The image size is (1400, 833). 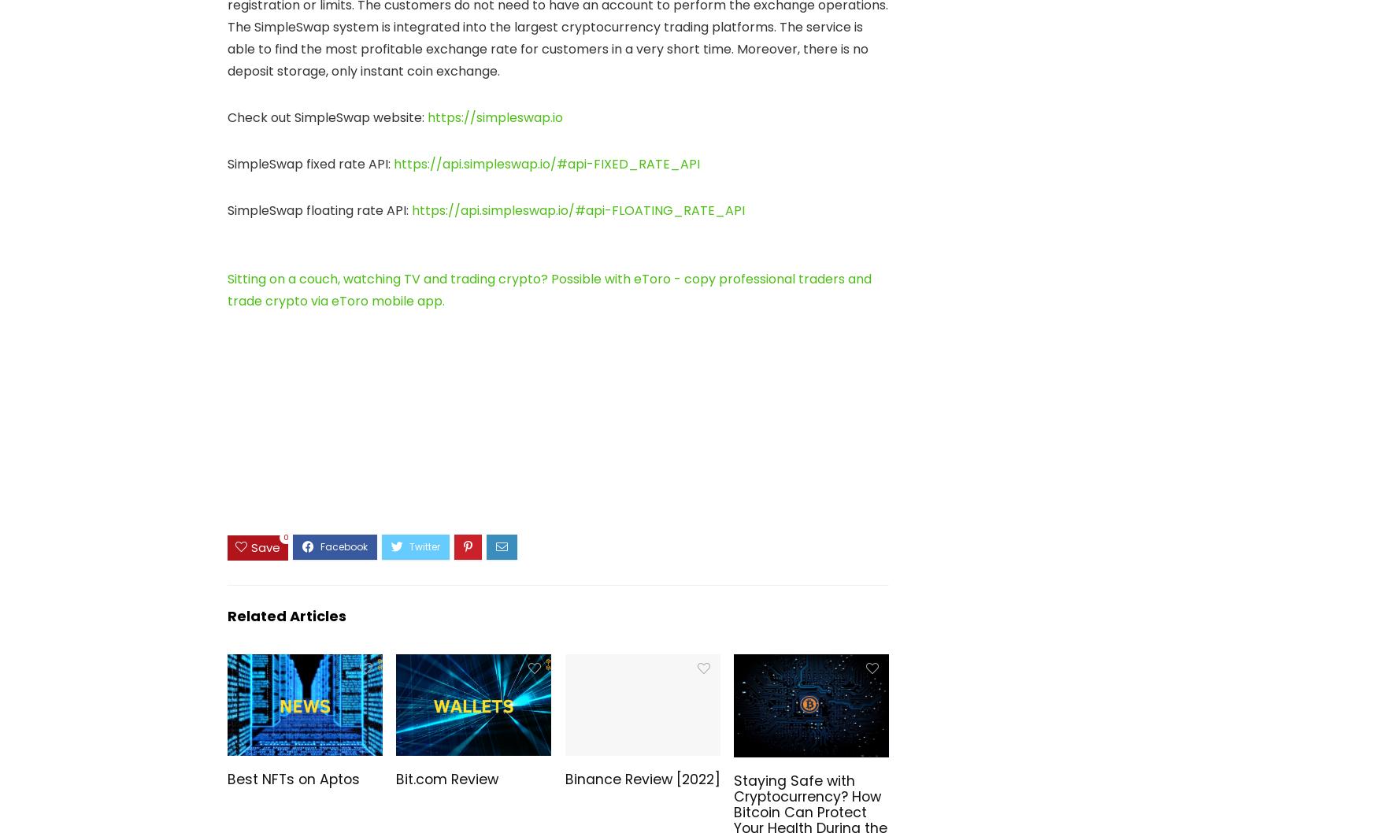 I want to click on 'SimpleSwap fixed rate API:', so click(x=310, y=164).